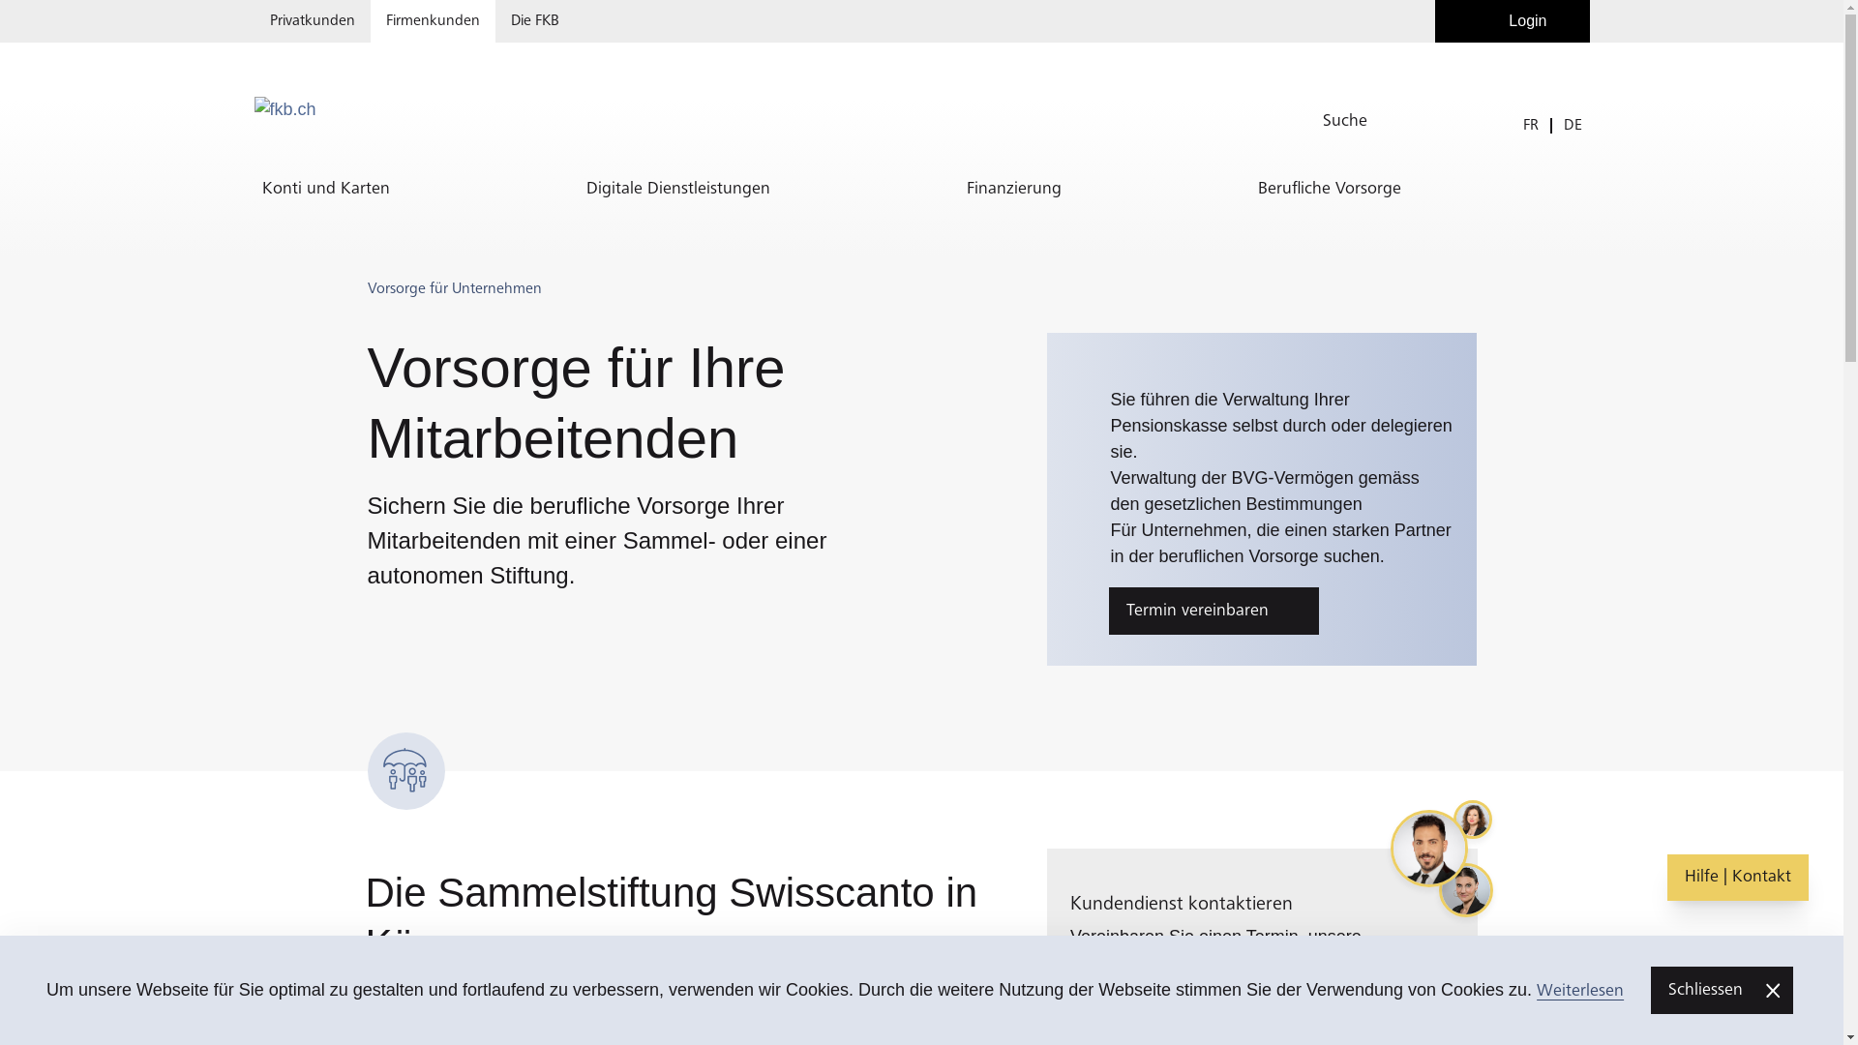 The height and width of the screenshot is (1045, 1858). Describe the element at coordinates (1213, 611) in the screenshot. I see `'Termin vereinbaren'` at that location.